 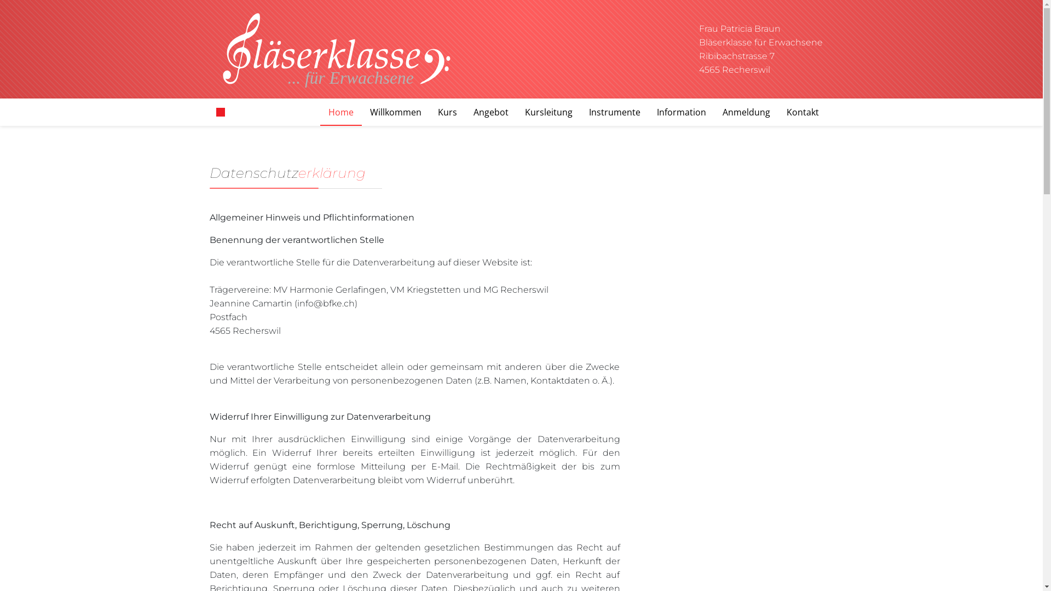 What do you see at coordinates (680, 112) in the screenshot?
I see `'Information'` at bounding box center [680, 112].